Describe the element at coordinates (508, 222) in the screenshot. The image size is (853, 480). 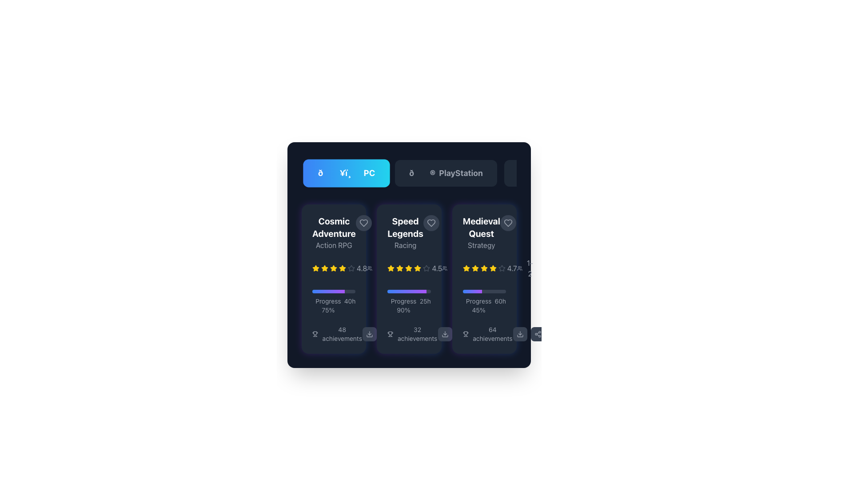
I see `the circular button with a gray background and heart icon located at the upper-right corner of the 'Medieval Quest' card` at that location.